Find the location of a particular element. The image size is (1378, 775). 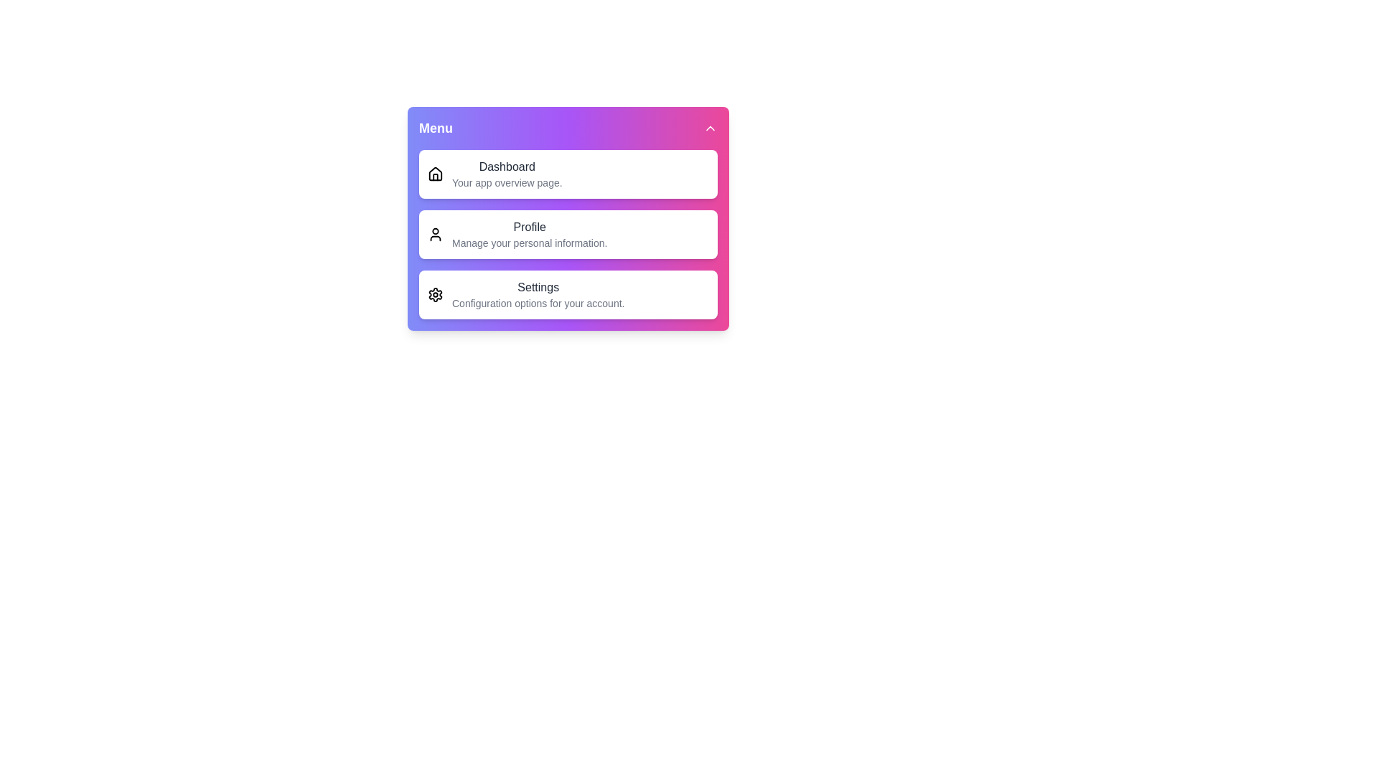

the 'Settings' menu item is located at coordinates (568, 294).